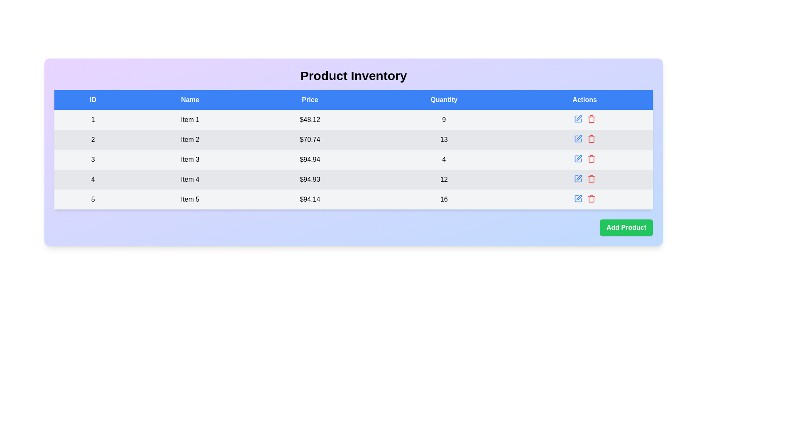 This screenshot has width=797, height=448. Describe the element at coordinates (577, 198) in the screenshot. I see `the edit button located in the last row of the data table under the 'Actions' column, adjacent to a red-colored delete icon` at that location.